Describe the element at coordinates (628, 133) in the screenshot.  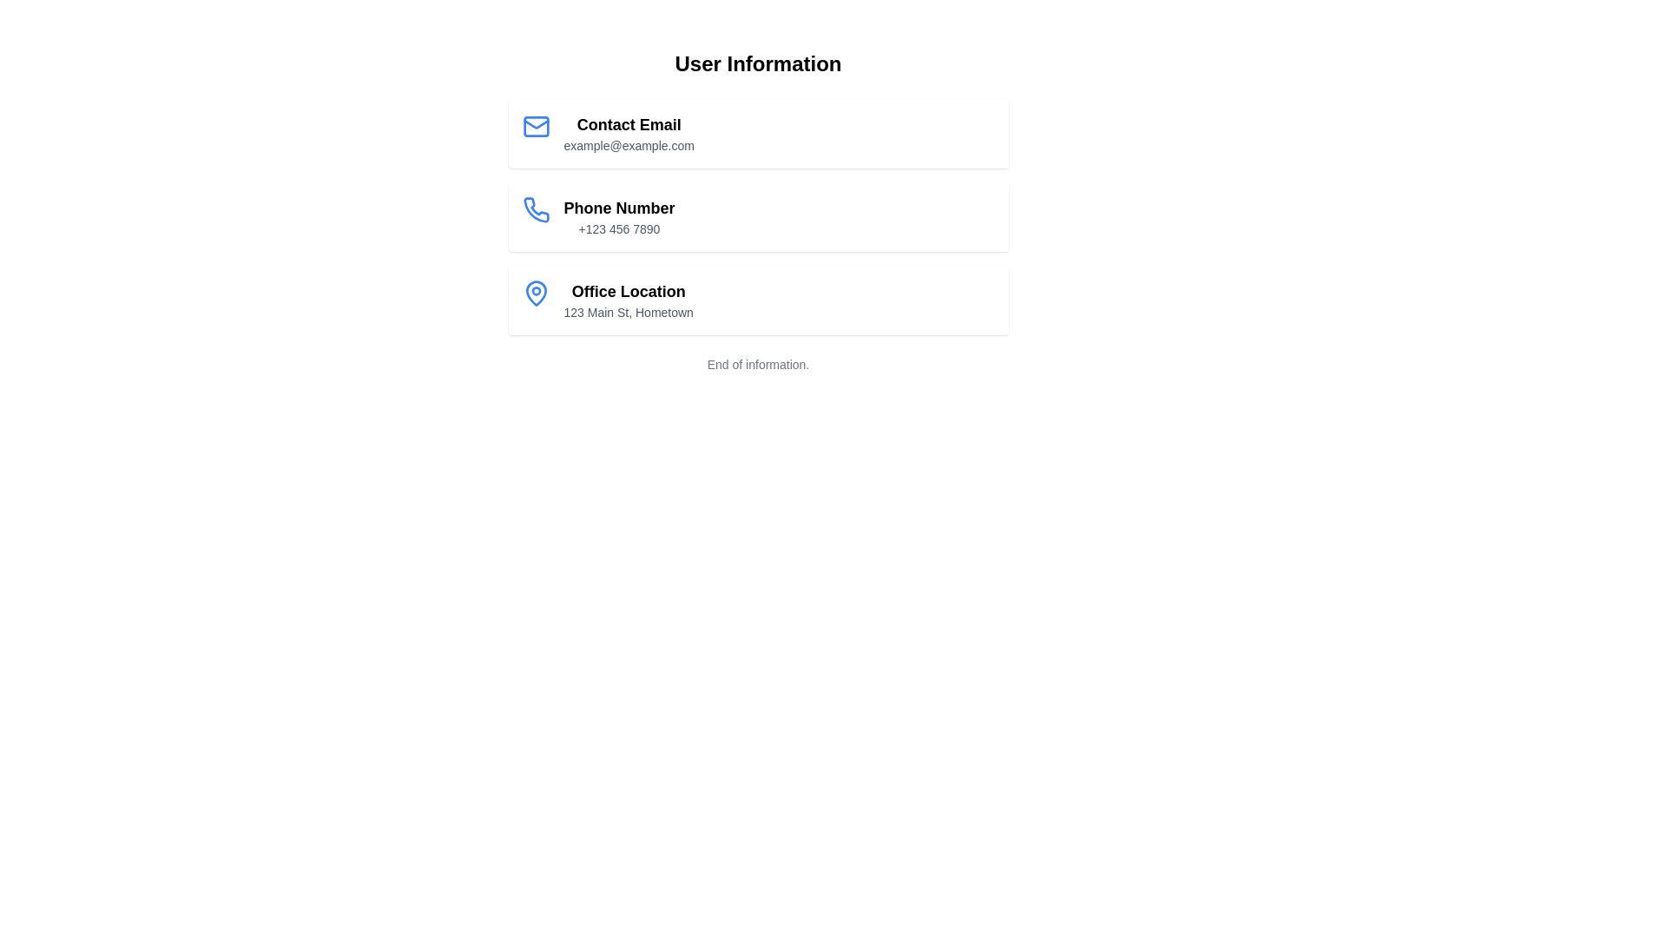
I see `the text display block that contains the heading 'Contact Email' and the email address 'example@example.com', which is the first item in a vertical list within a card layout` at that location.